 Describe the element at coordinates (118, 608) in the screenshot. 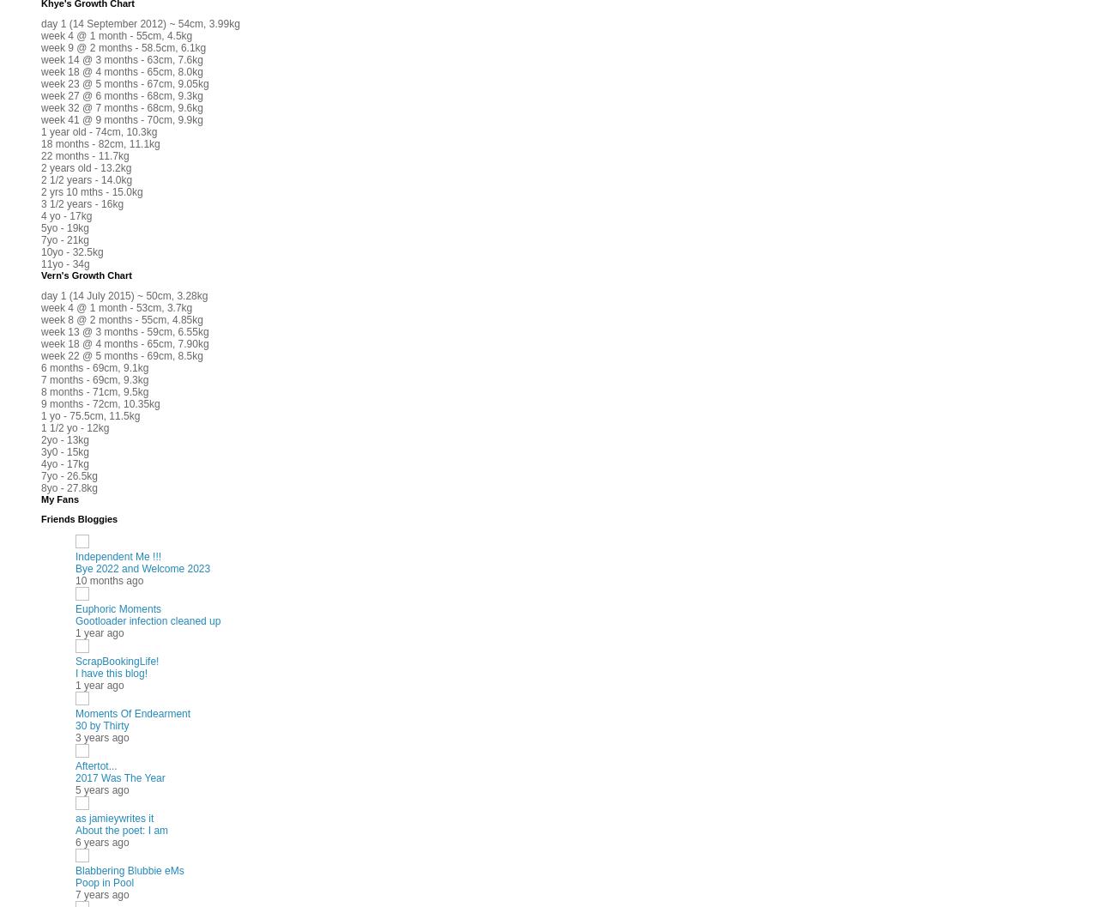

I see `'Euphoric Moments'` at that location.